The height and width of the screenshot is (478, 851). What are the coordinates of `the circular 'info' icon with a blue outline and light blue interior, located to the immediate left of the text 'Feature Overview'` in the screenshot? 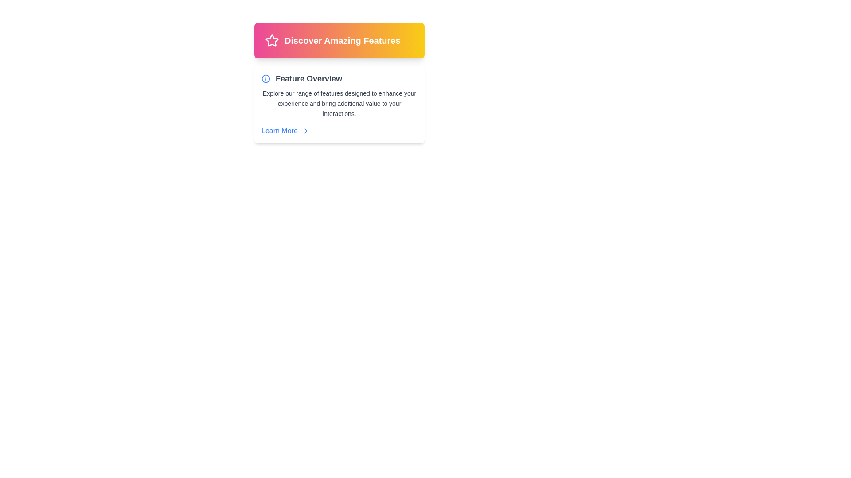 It's located at (265, 78).